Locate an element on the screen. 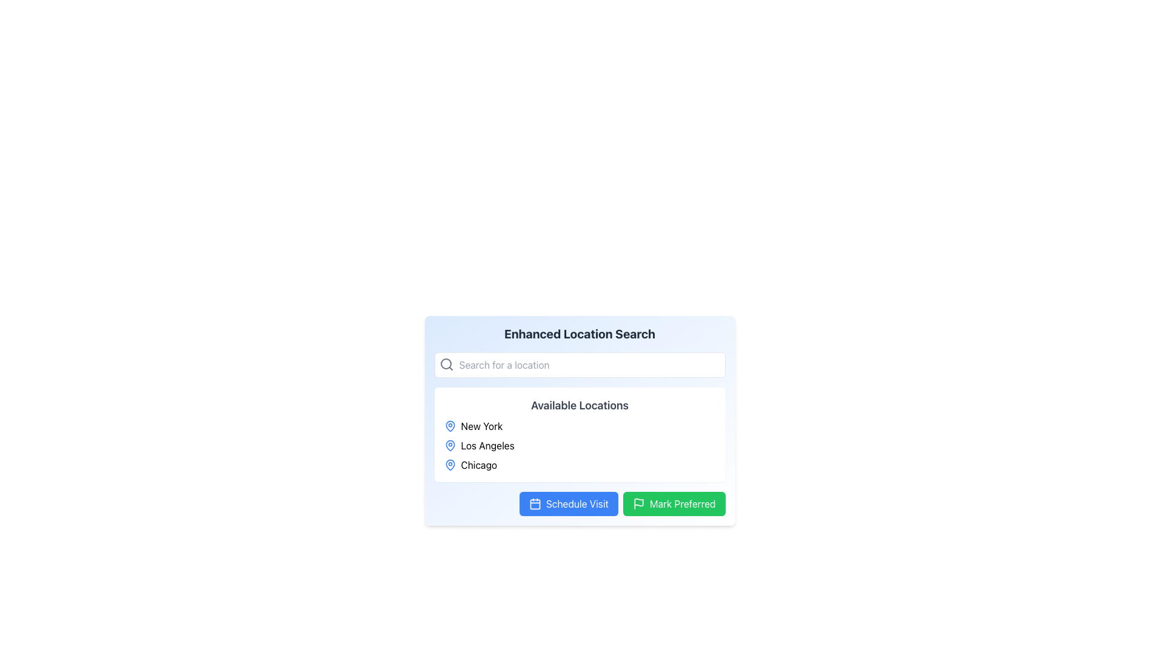  to select the location named 'Chicago', which is the third item in a vertical list of locations is located at coordinates (579, 465).